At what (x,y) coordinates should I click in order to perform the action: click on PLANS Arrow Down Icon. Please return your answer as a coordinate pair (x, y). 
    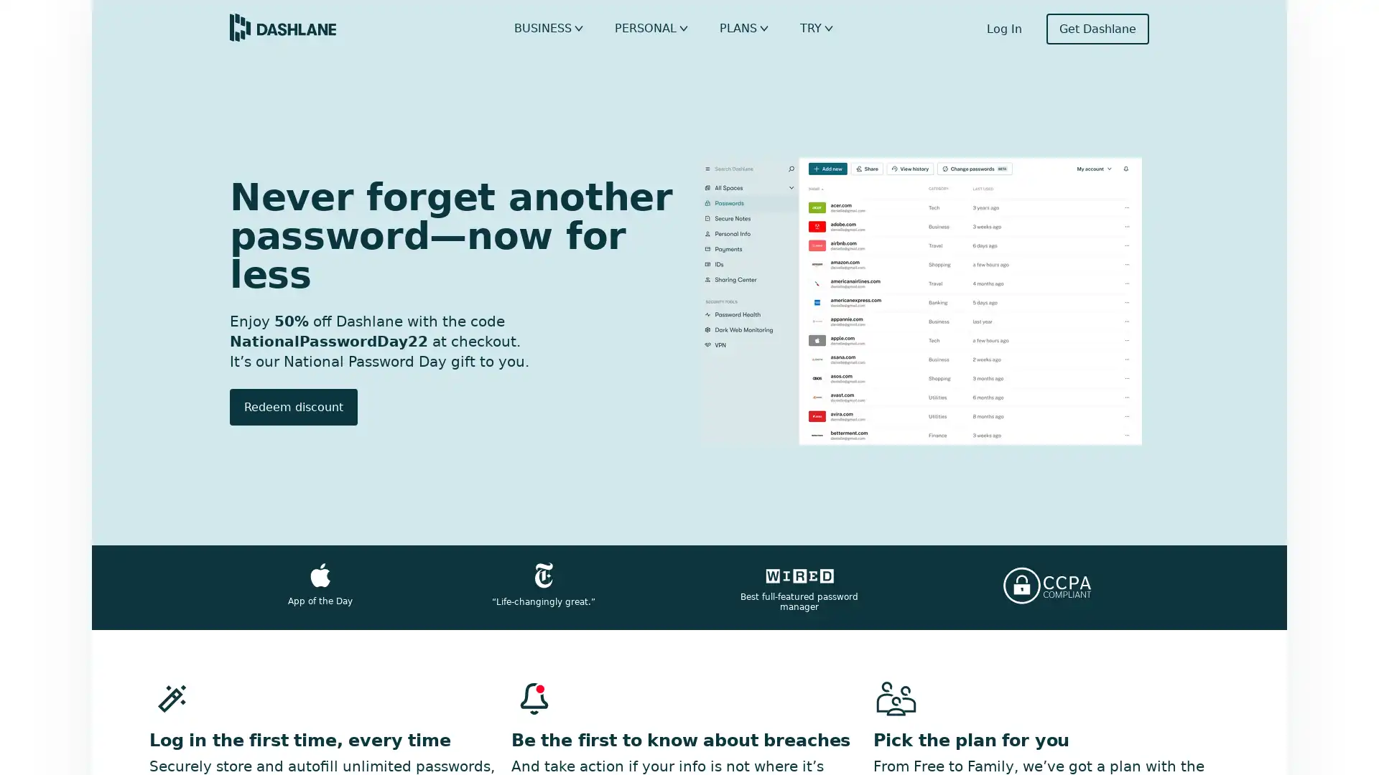
    Looking at the image, I should click on (745, 28).